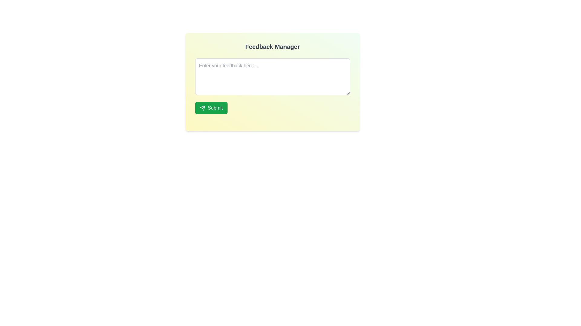 This screenshot has height=326, width=581. Describe the element at coordinates (272, 82) in the screenshot. I see `the text within the Text input field located below the 'Feedback Manager' heading and above the 'Submit' button` at that location.